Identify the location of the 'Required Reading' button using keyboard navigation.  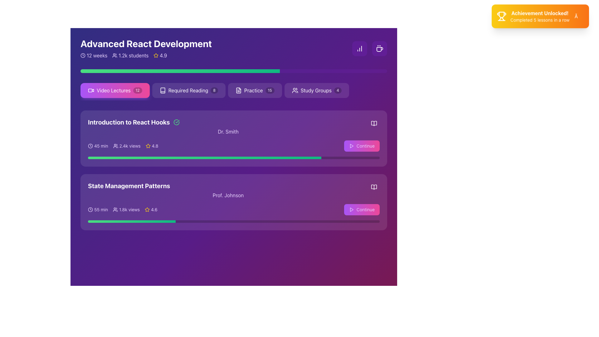
(188, 90).